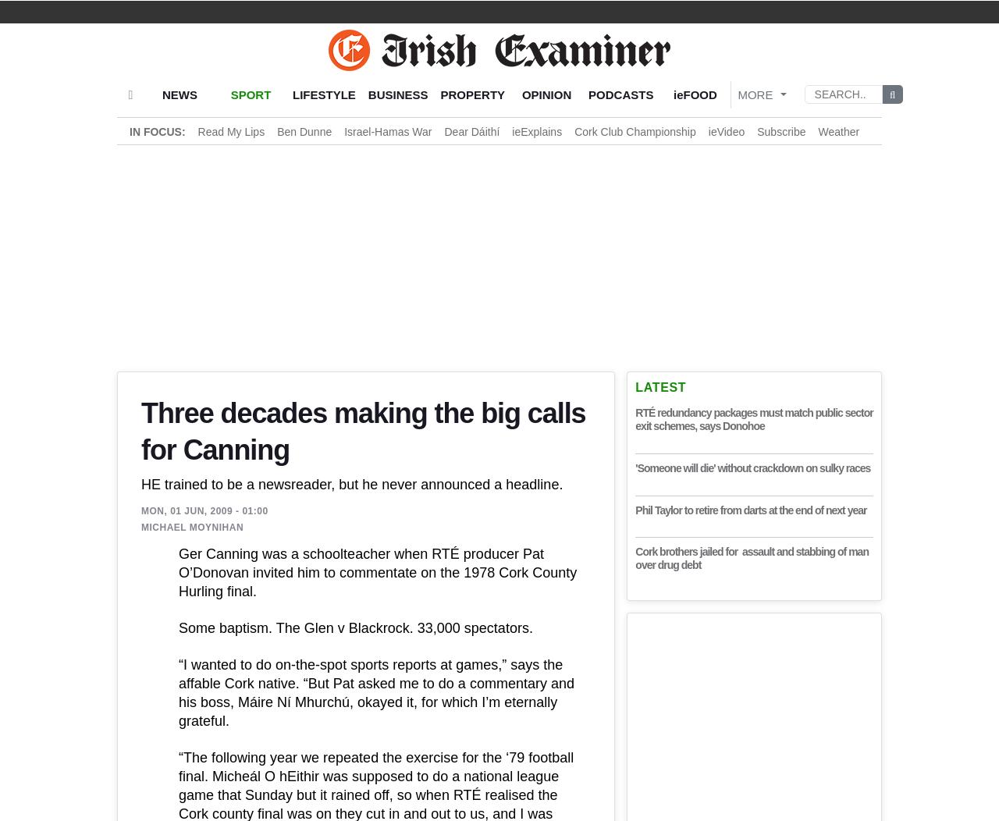 The width and height of the screenshot is (999, 821). Describe the element at coordinates (384, 219) in the screenshot. I see `'“To me you survive on TV by believing you can do most aspects of the job well. You’ll never get it completely right. I’ve never done the perfect commentary; I dream of doing it one day, but I haven’t done it so far. You must be comfortable with your limitations – you can’t slacken in your preparations but you won’t please everybody all the time, and your own self-confidence is vital in that regard. Anything that reduces that confidence you need to look at carefully.'` at that location.